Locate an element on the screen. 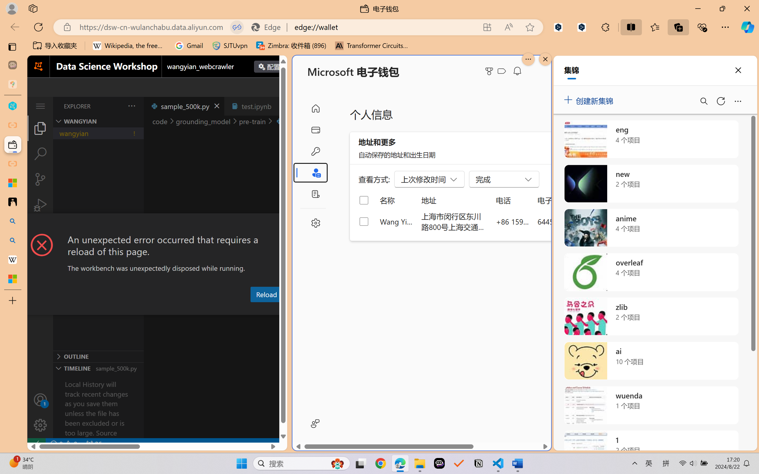 The image size is (759, 474). 'Adjust indents and spacing - Microsoft Support' is located at coordinates (12, 182).